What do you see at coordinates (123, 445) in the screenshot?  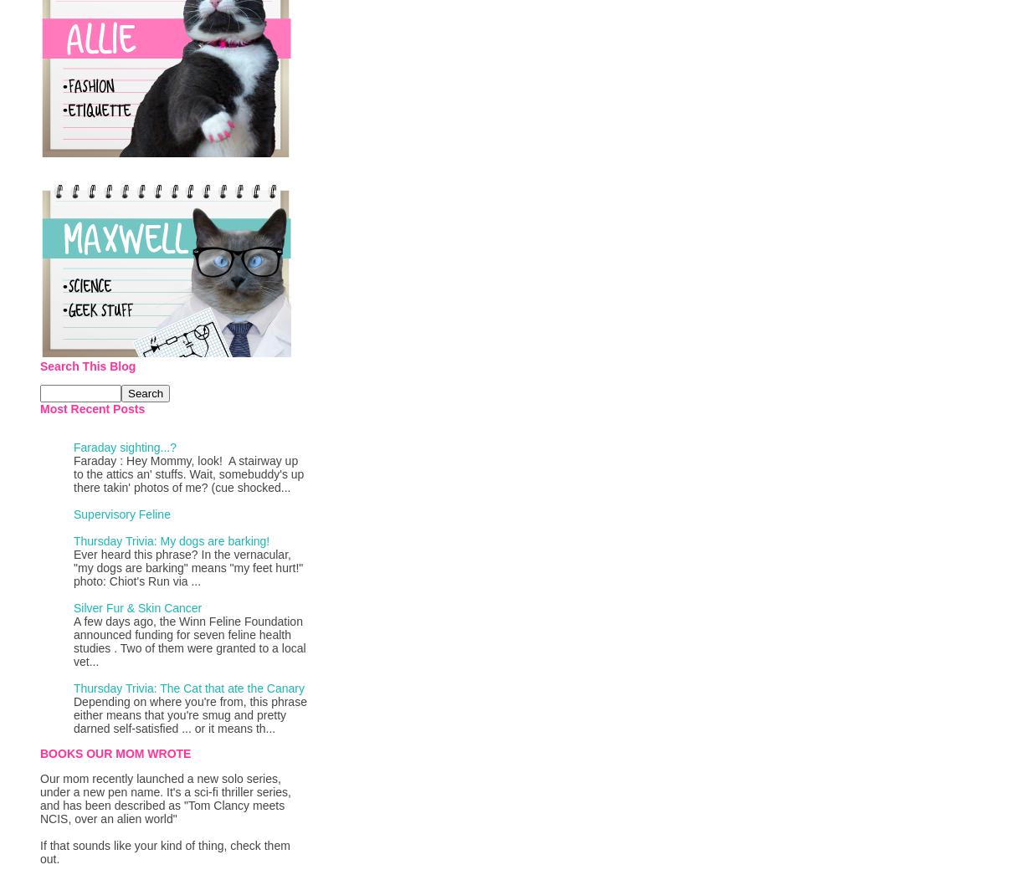 I see `'Faraday sighting...?'` at bounding box center [123, 445].